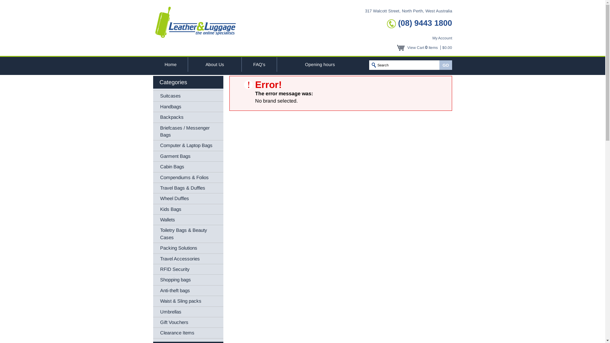 This screenshot has height=343, width=610. I want to click on 'Anti-theft bags', so click(153, 291).